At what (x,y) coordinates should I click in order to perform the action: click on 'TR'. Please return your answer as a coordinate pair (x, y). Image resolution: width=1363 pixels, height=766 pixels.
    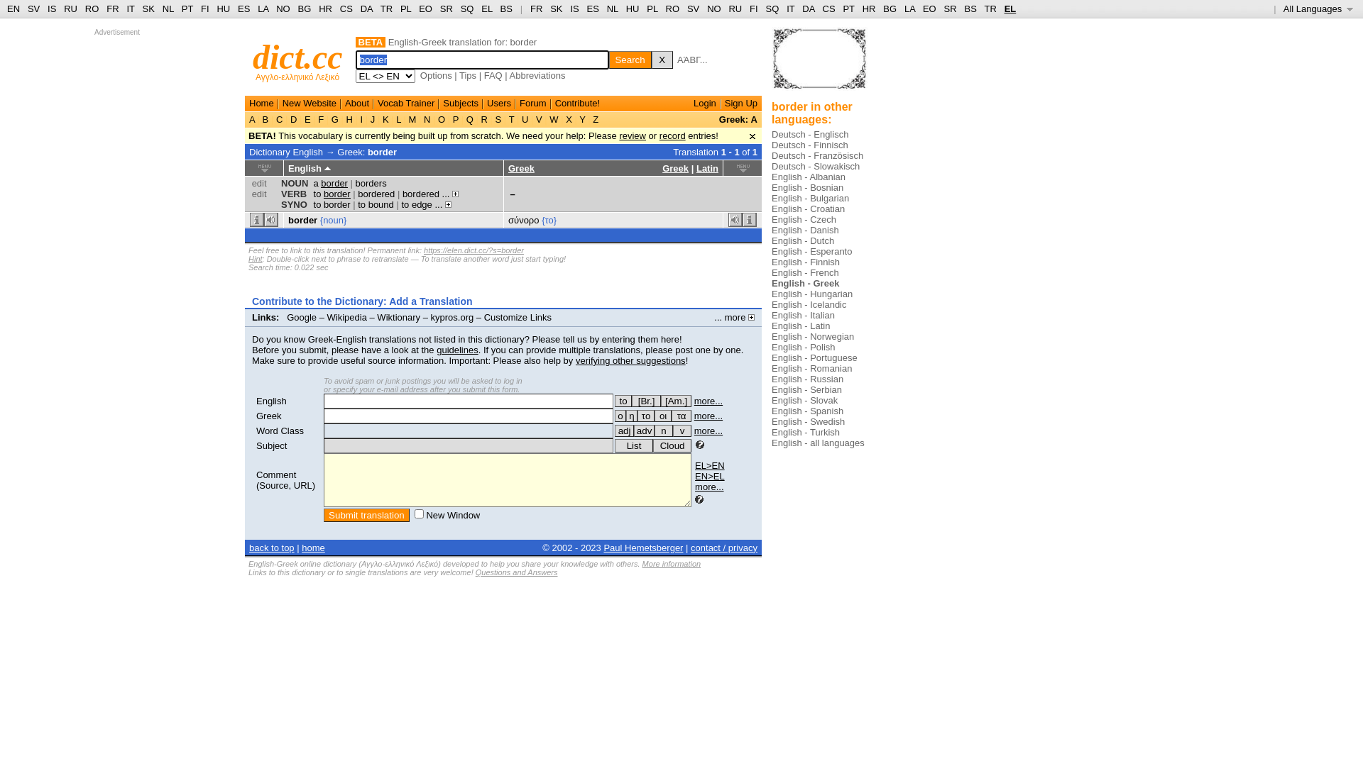
    Looking at the image, I should click on (386, 9).